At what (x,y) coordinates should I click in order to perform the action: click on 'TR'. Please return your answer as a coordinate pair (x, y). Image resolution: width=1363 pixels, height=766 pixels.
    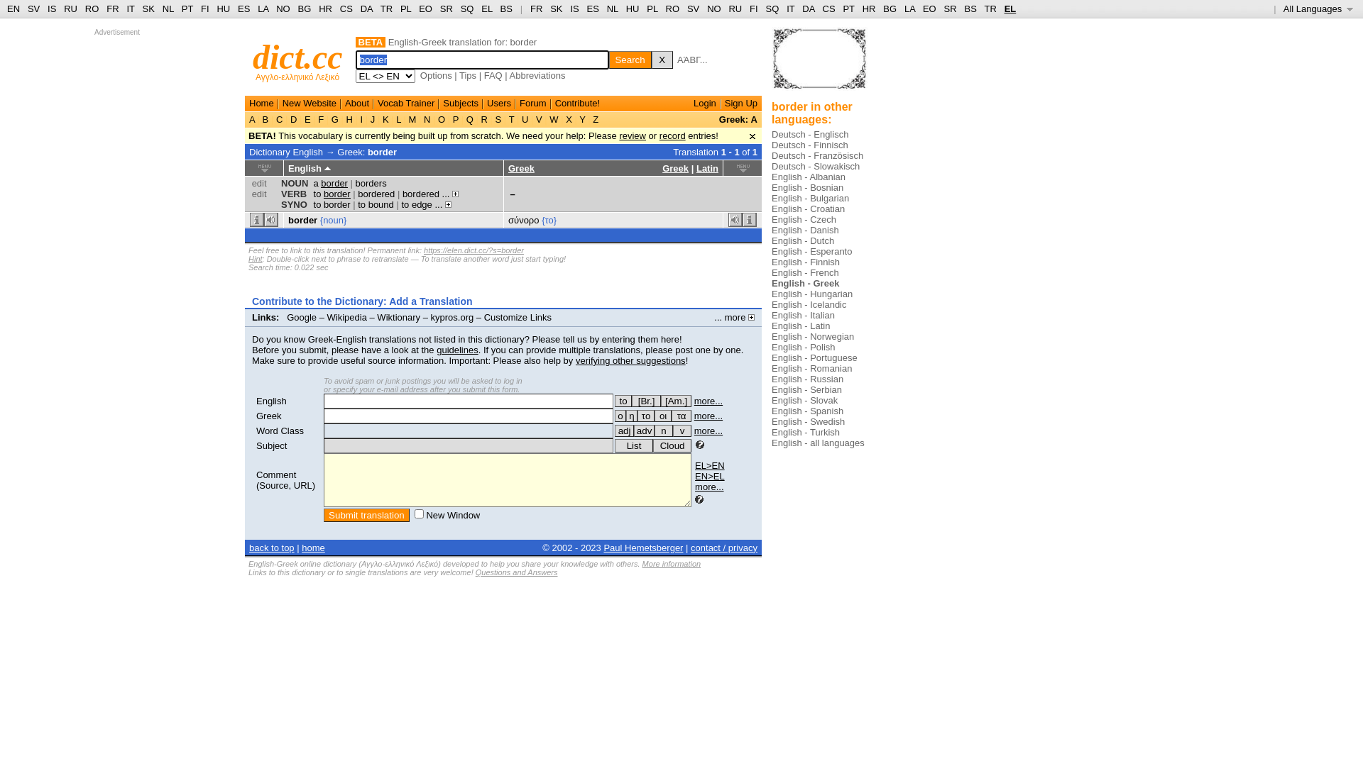
    Looking at the image, I should click on (386, 9).